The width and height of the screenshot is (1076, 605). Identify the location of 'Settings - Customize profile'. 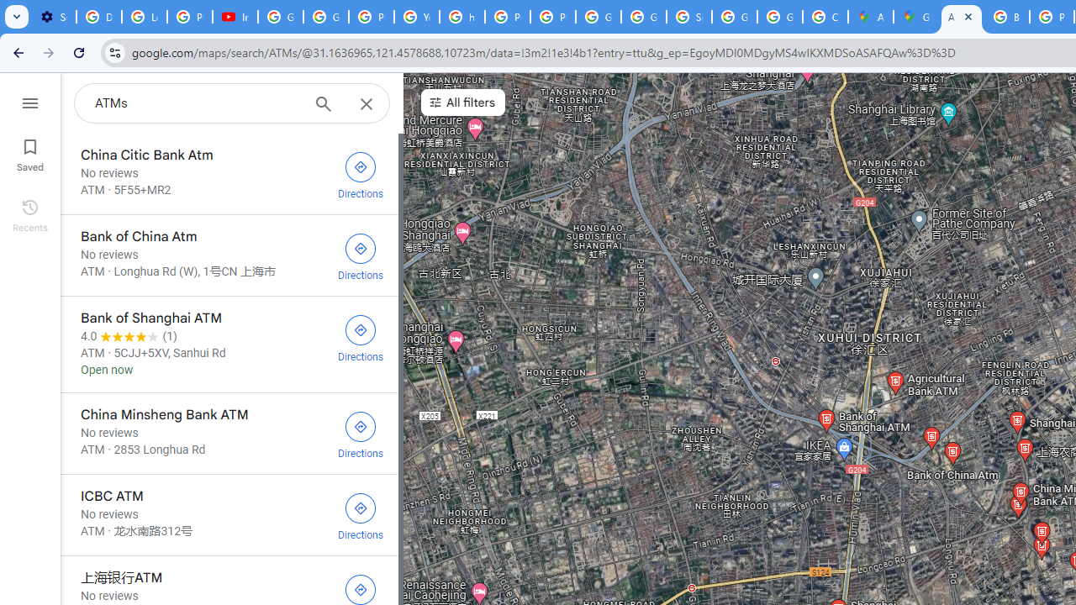
(54, 17).